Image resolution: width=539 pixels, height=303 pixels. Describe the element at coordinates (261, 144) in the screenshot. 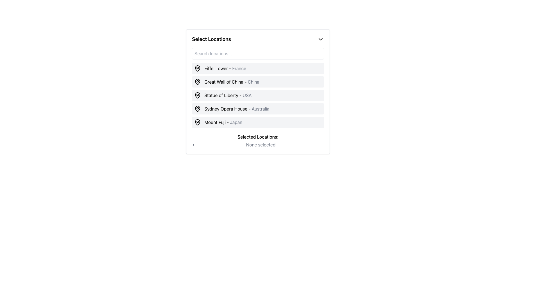

I see `the 'None selected' text label element, which indicates the current selection status and is located below the 'Selected Locations:' title` at that location.